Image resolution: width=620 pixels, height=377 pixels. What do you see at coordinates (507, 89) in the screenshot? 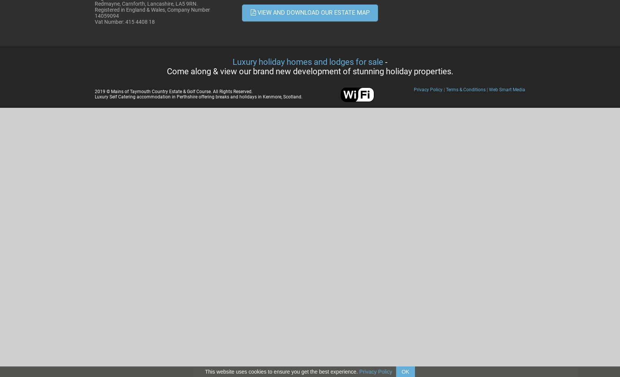
I see `'Web Smart Media'` at bounding box center [507, 89].